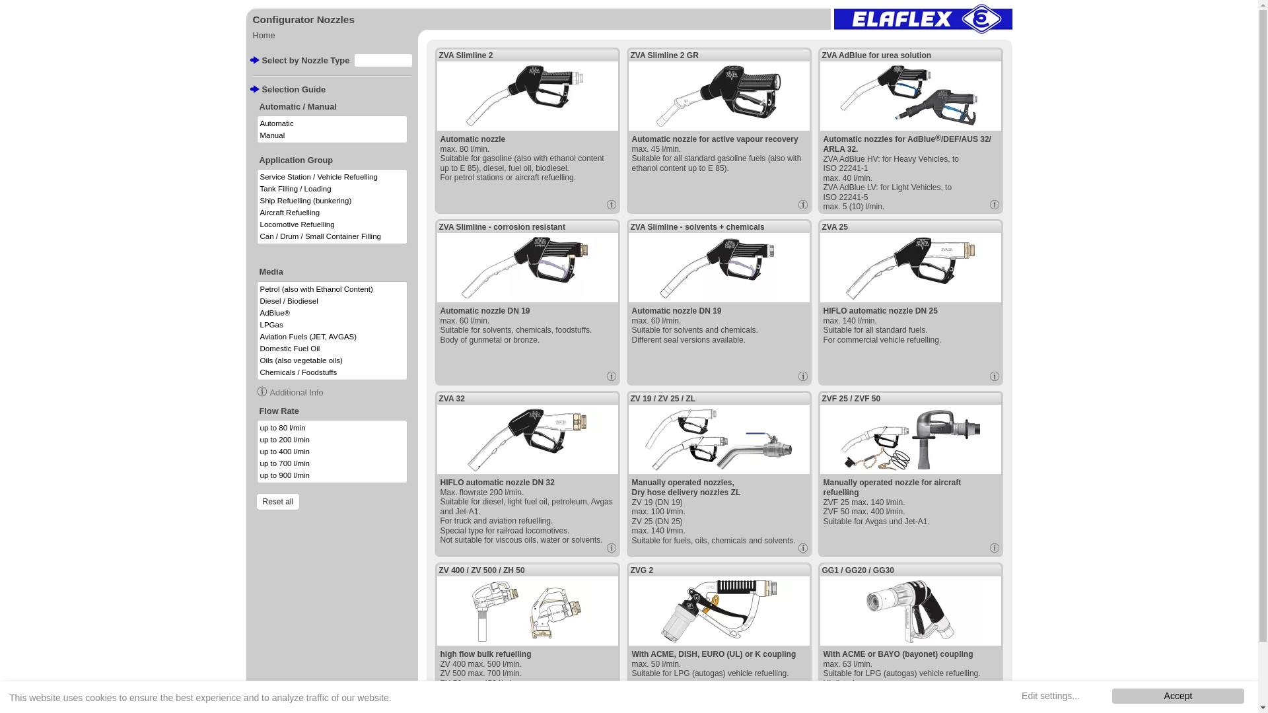  Describe the element at coordinates (332, 348) in the screenshot. I see `'Domestic Fuel Oil'` at that location.